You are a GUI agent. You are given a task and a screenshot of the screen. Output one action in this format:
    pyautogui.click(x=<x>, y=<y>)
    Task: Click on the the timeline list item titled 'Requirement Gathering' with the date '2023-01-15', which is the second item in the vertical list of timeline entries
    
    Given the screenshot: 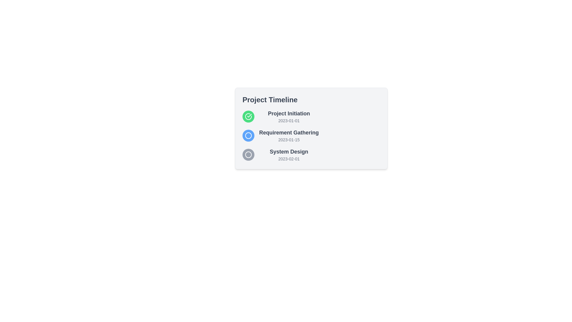 What is the action you would take?
    pyautogui.click(x=280, y=136)
    